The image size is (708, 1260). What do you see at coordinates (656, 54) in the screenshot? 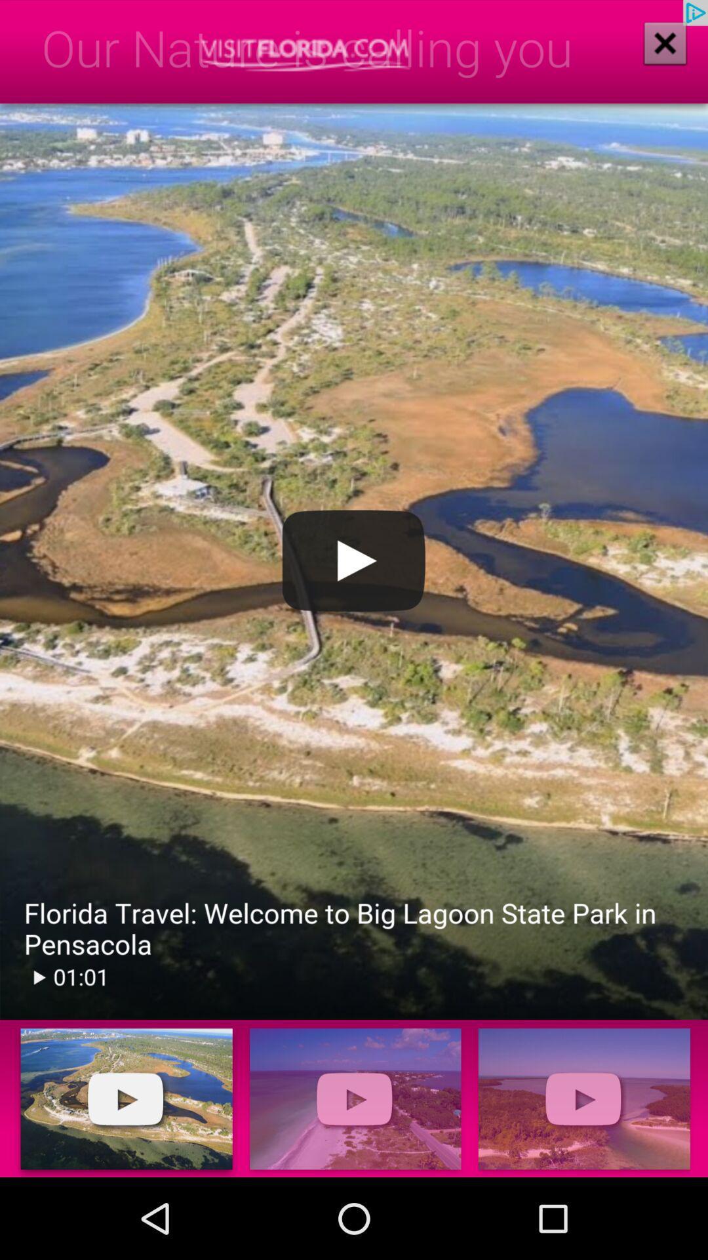
I see `the close icon` at bounding box center [656, 54].